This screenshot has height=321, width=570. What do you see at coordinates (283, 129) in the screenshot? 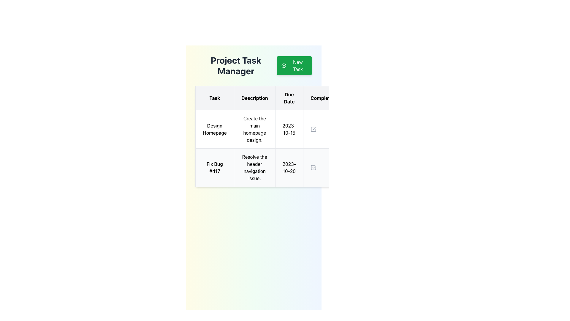
I see `the interactive components within the first row of the table that contains 'Design Homepage', 'Create the main homepage design.', and '2023-10-15'` at bounding box center [283, 129].